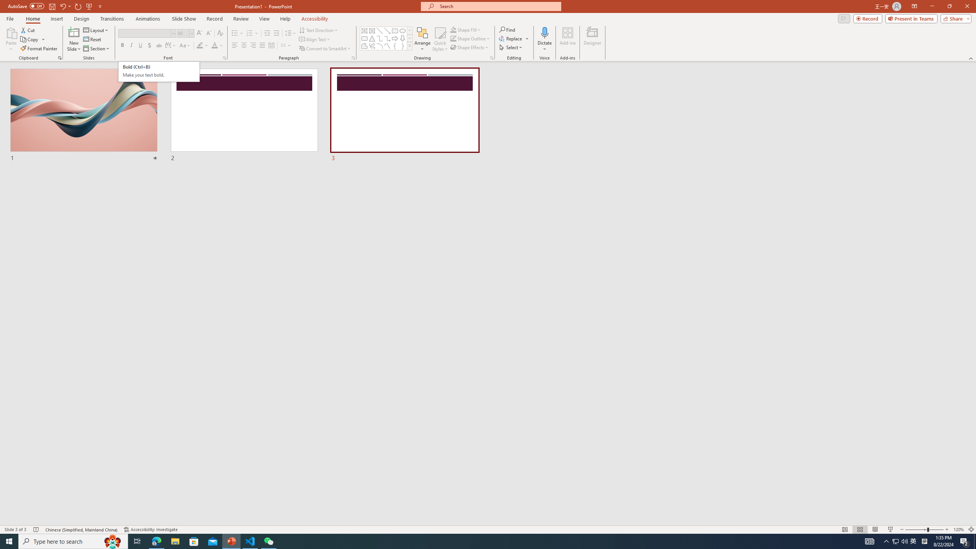 Image resolution: width=976 pixels, height=549 pixels. Describe the element at coordinates (32, 19) in the screenshot. I see `'Home'` at that location.